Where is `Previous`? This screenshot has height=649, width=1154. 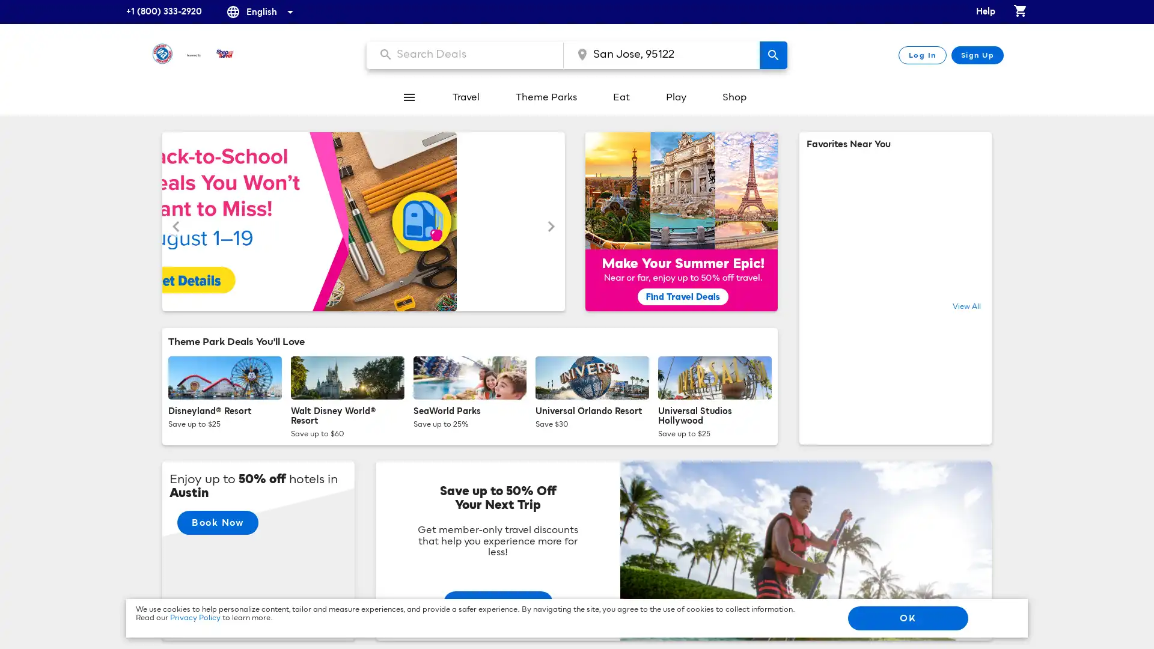
Previous is located at coordinates (170, 222).